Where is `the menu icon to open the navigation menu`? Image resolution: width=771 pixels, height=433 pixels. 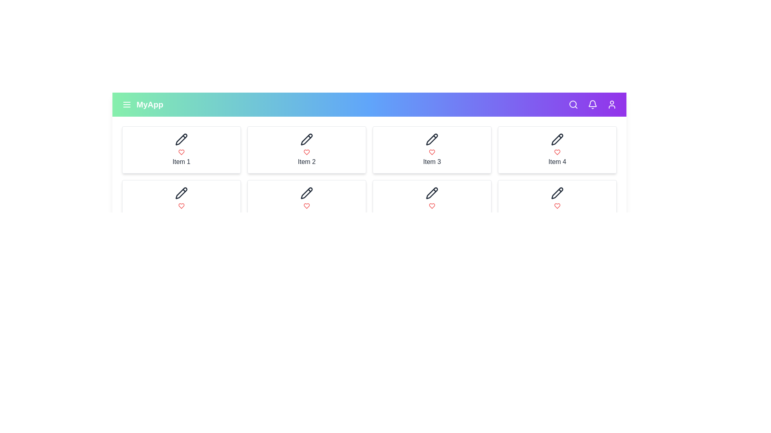 the menu icon to open the navigation menu is located at coordinates (126, 104).